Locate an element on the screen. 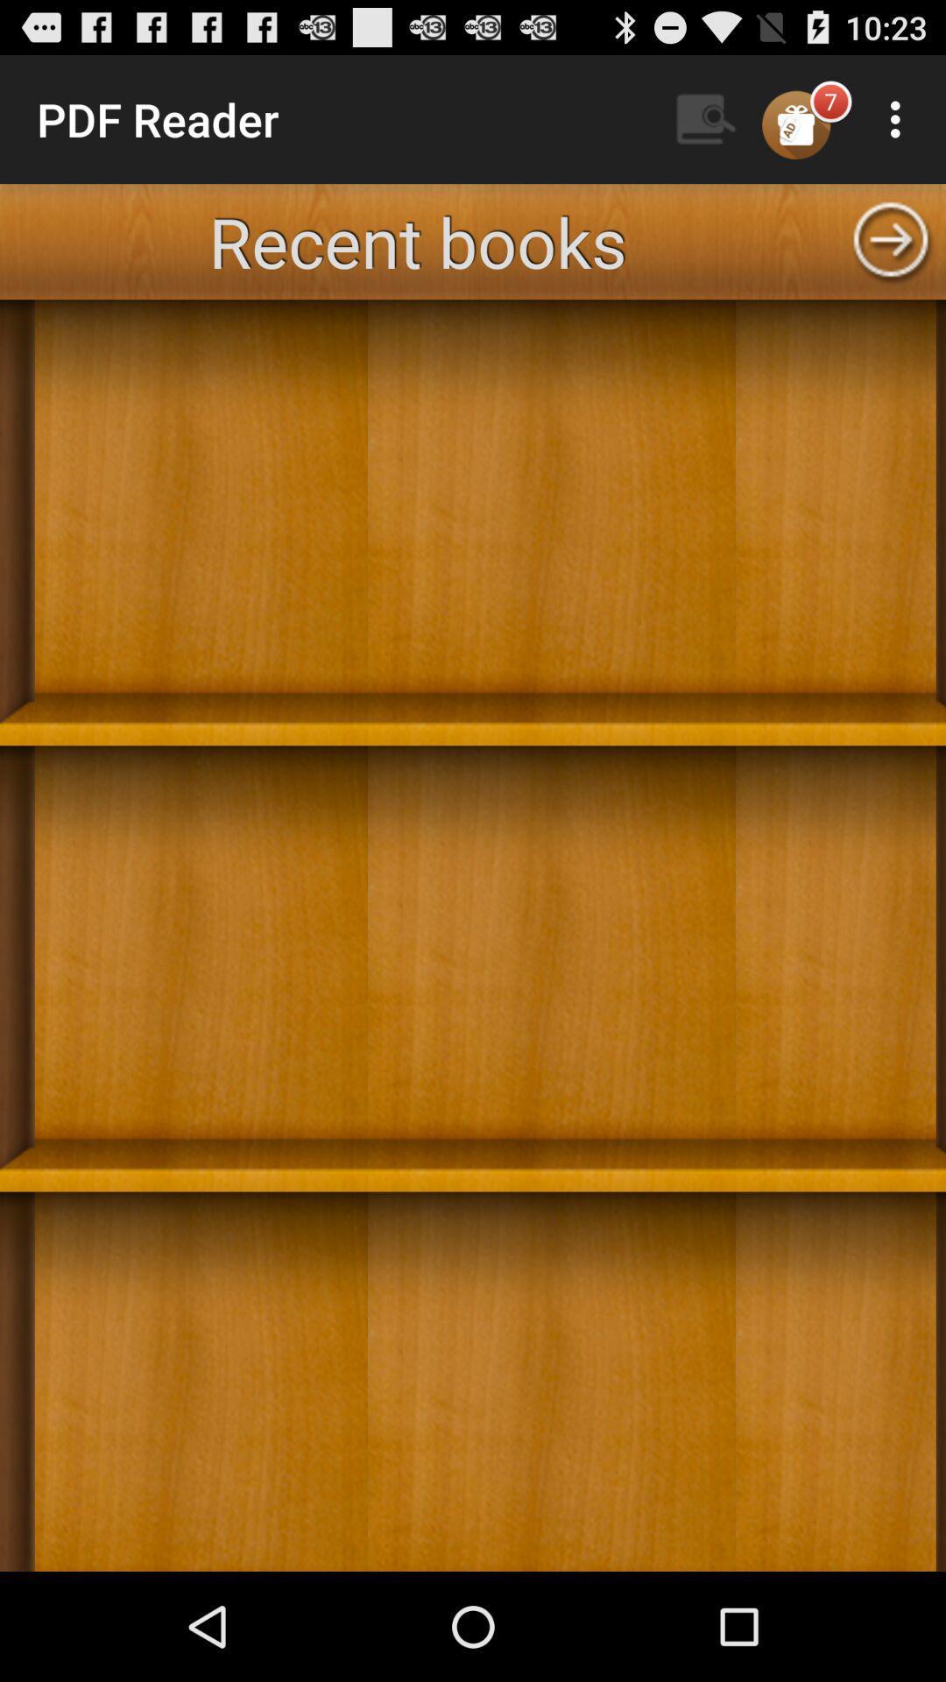  go back is located at coordinates (891, 240).